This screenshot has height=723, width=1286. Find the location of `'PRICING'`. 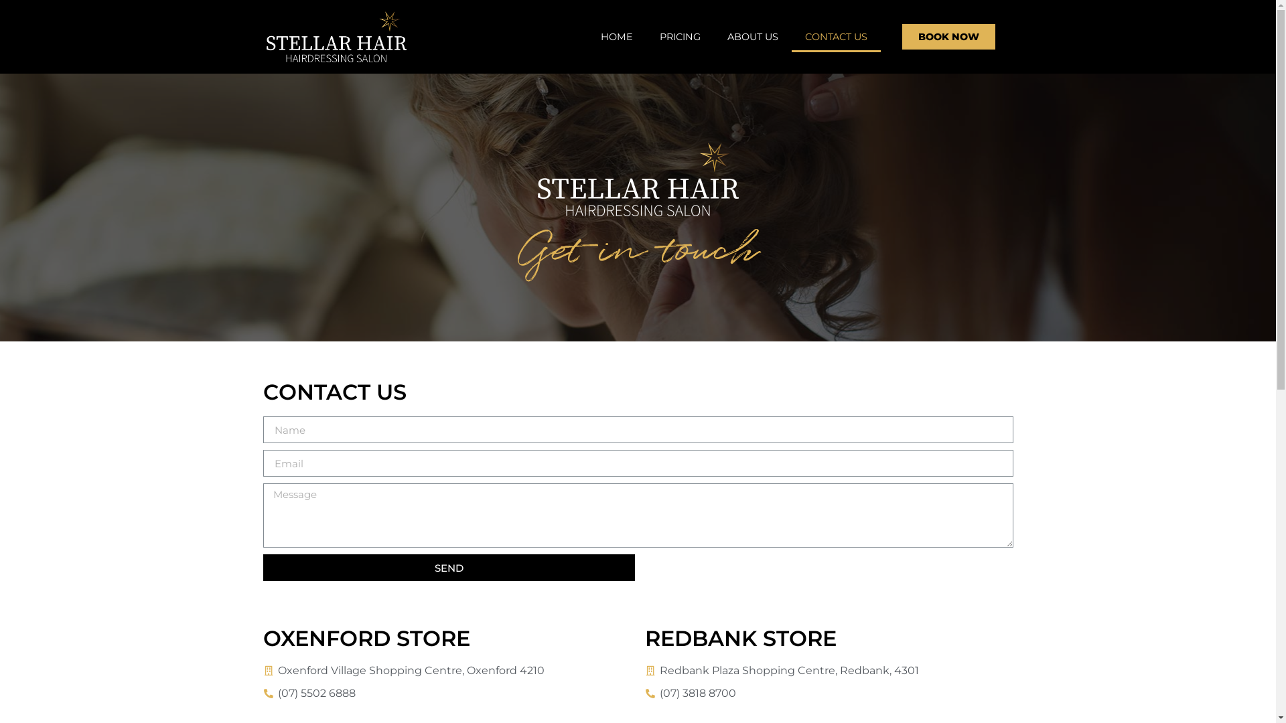

'PRICING' is located at coordinates (680, 35).